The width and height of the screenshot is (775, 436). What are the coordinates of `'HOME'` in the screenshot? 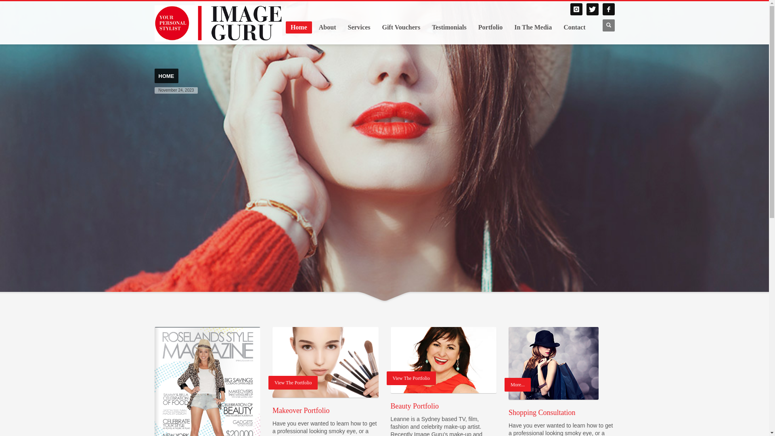 It's located at (165, 76).